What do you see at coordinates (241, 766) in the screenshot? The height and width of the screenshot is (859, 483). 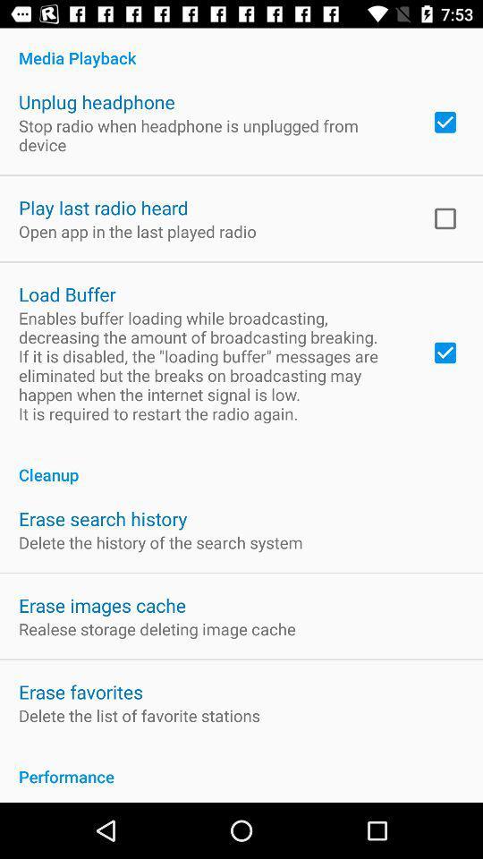 I see `the performance` at bounding box center [241, 766].